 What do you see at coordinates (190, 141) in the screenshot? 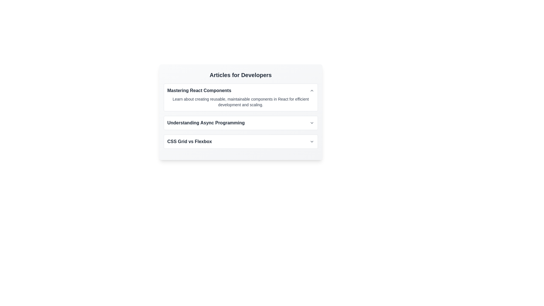
I see `the Text label displaying 'CSS Grid vs Flexbox' located in the third section of 'Articles for Developers' beneath 'Understanding Async Programming.'` at bounding box center [190, 141].